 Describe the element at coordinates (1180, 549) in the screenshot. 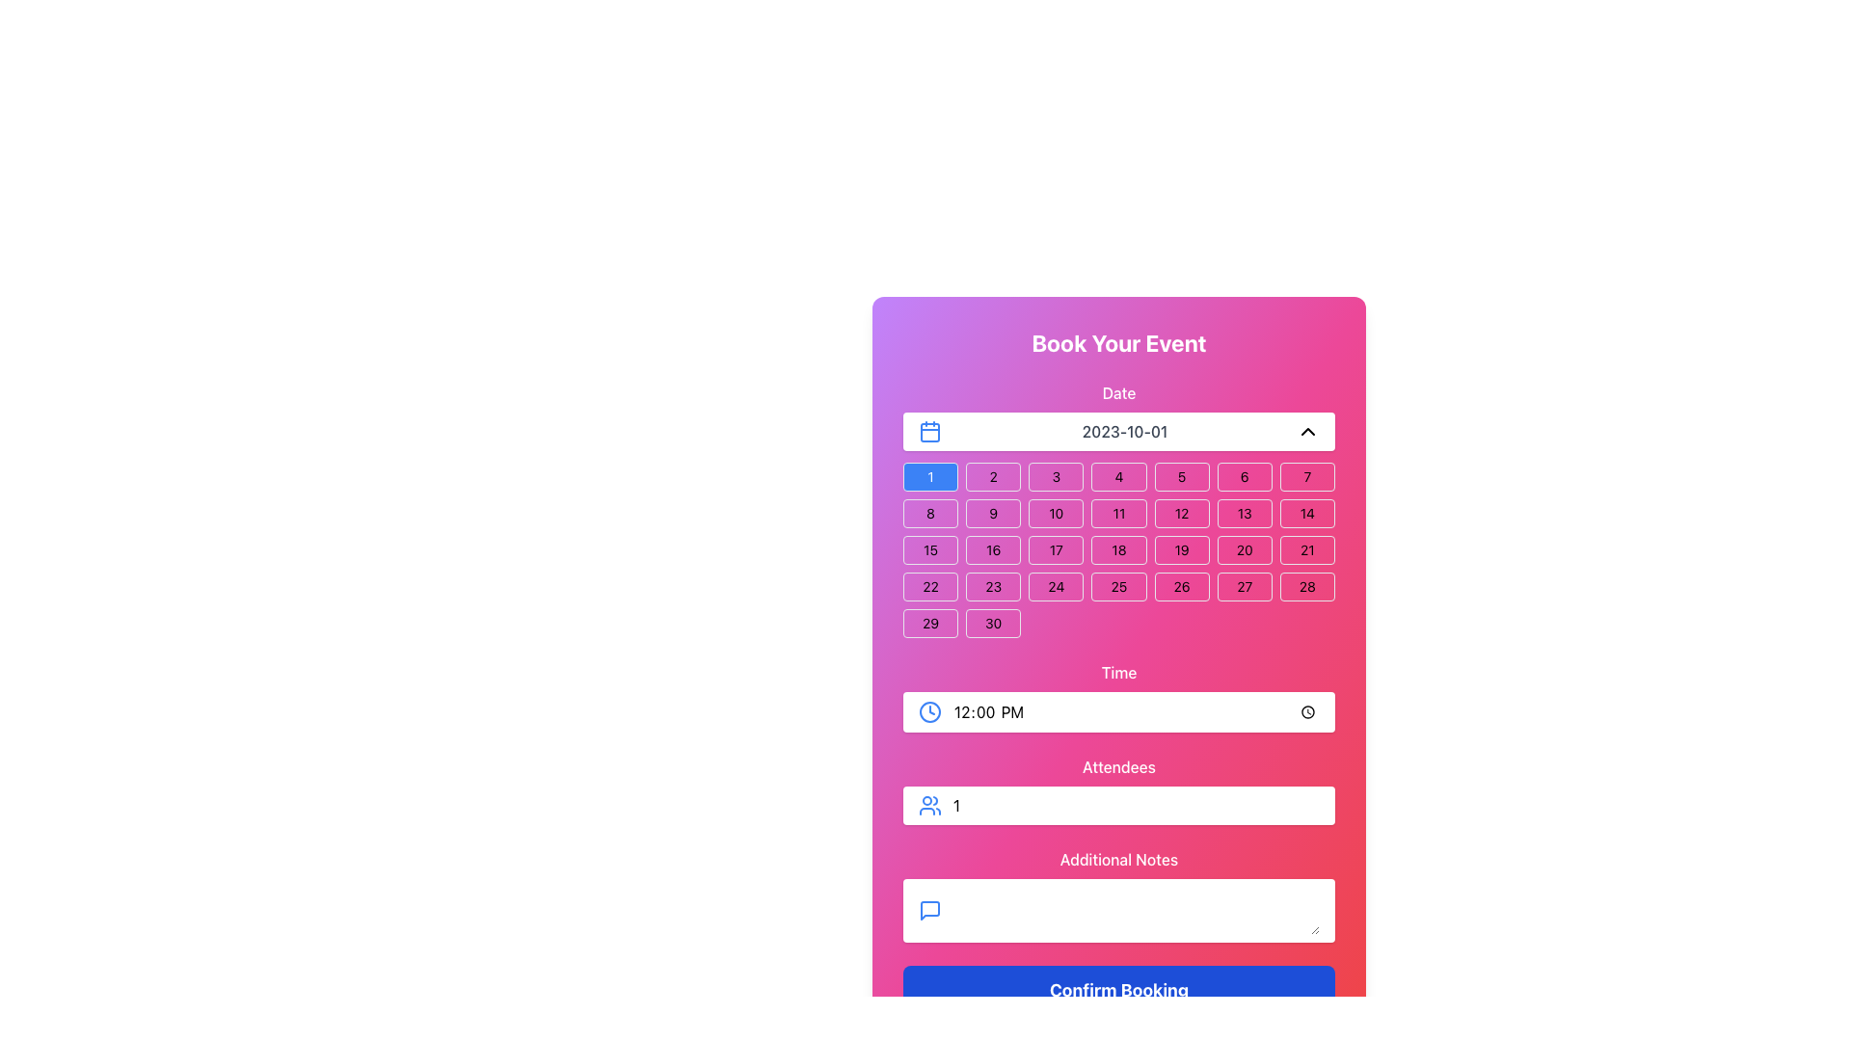

I see `the pink button with the black text '19' located in the third row and fifth column of the calendar grid` at that location.